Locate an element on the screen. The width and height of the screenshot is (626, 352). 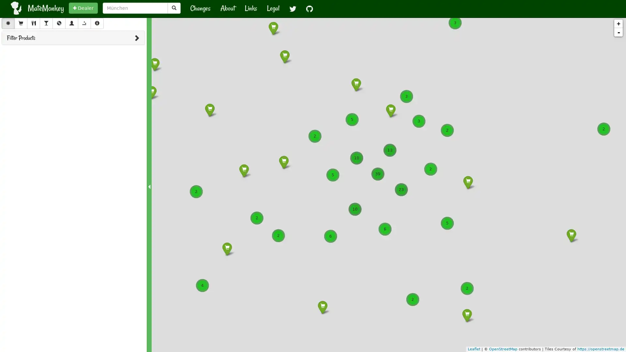
Dealer is located at coordinates (83, 8).